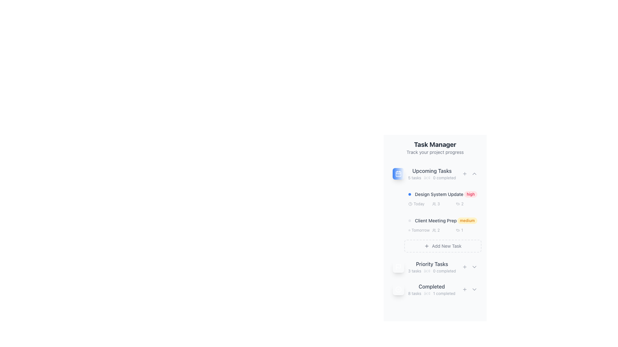 This screenshot has width=618, height=347. What do you see at coordinates (432, 171) in the screenshot?
I see `the heading element for upcoming tasks located just below the calendar icon and adjacent to the '+' button` at bounding box center [432, 171].